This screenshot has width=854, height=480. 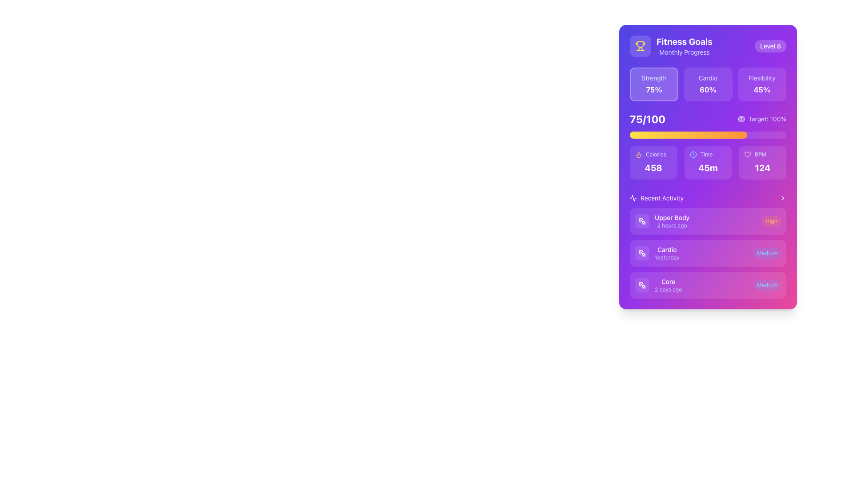 What do you see at coordinates (708, 89) in the screenshot?
I see `the Text Label displaying '60%' which is located within the purple background card under the fitness goals section, to the right of 'Cardio' and below 'Strength'` at bounding box center [708, 89].